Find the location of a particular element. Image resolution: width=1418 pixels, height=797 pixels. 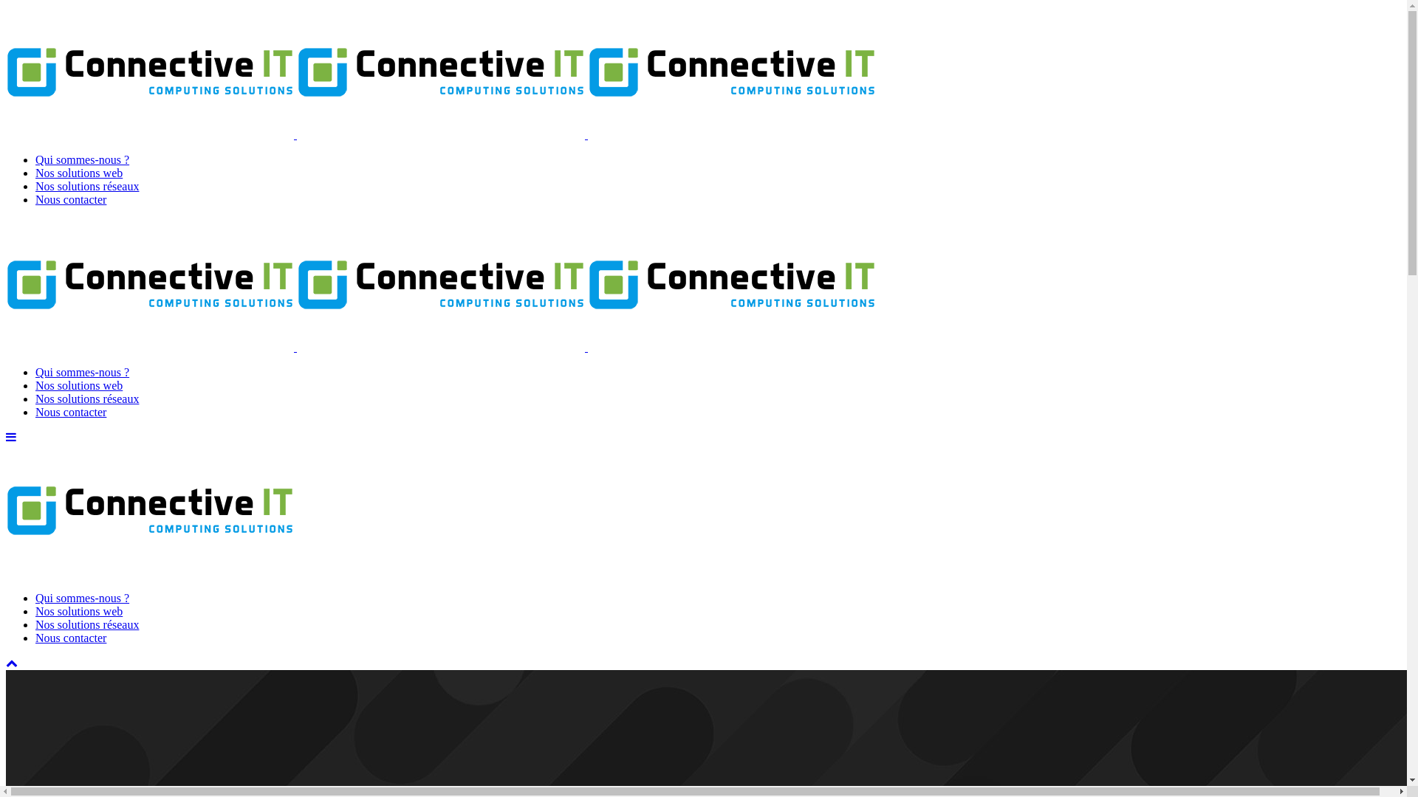

'Nous contacter' is located at coordinates (70, 412).